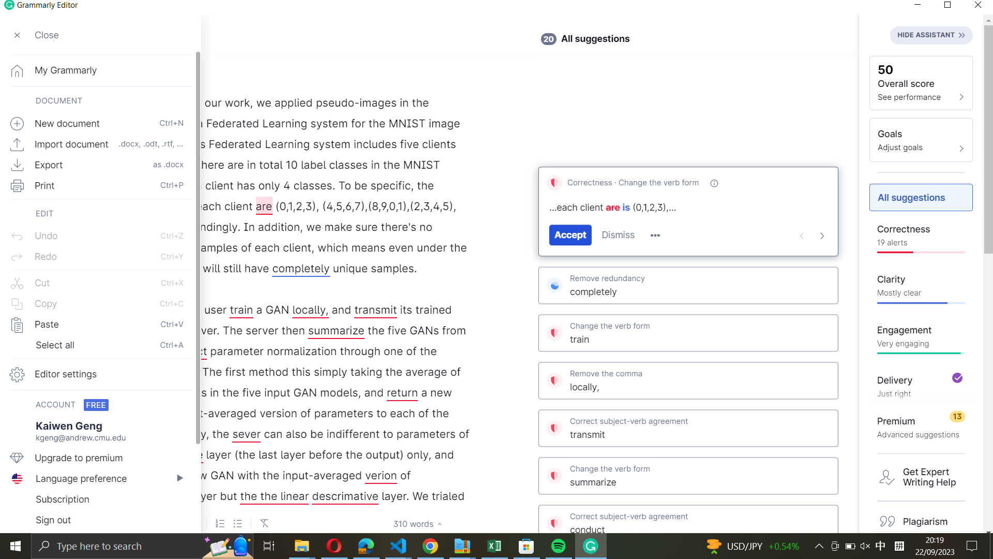  Describe the element at coordinates (921, 140) in the screenshot. I see `Unfold the goals segment` at that location.